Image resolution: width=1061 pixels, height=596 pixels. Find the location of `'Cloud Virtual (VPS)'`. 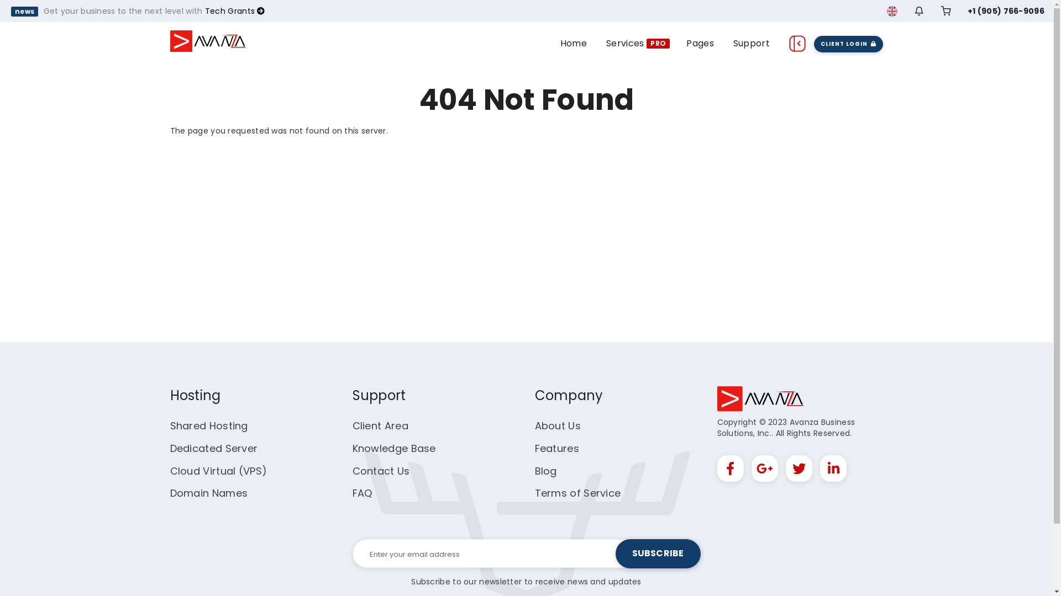

'Cloud Virtual (VPS)' is located at coordinates (218, 471).